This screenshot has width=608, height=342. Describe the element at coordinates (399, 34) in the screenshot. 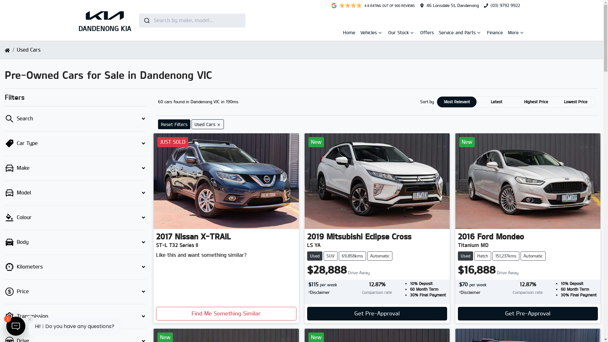

I see `'Our Stock'` at that location.